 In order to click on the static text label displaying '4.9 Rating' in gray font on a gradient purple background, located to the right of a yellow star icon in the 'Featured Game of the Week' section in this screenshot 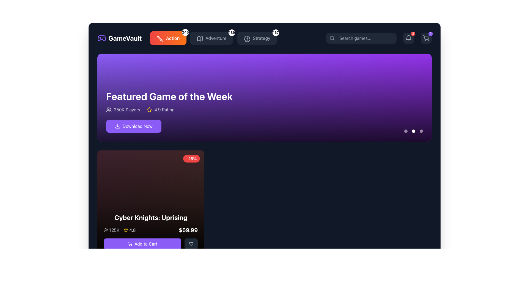, I will do `click(164, 109)`.